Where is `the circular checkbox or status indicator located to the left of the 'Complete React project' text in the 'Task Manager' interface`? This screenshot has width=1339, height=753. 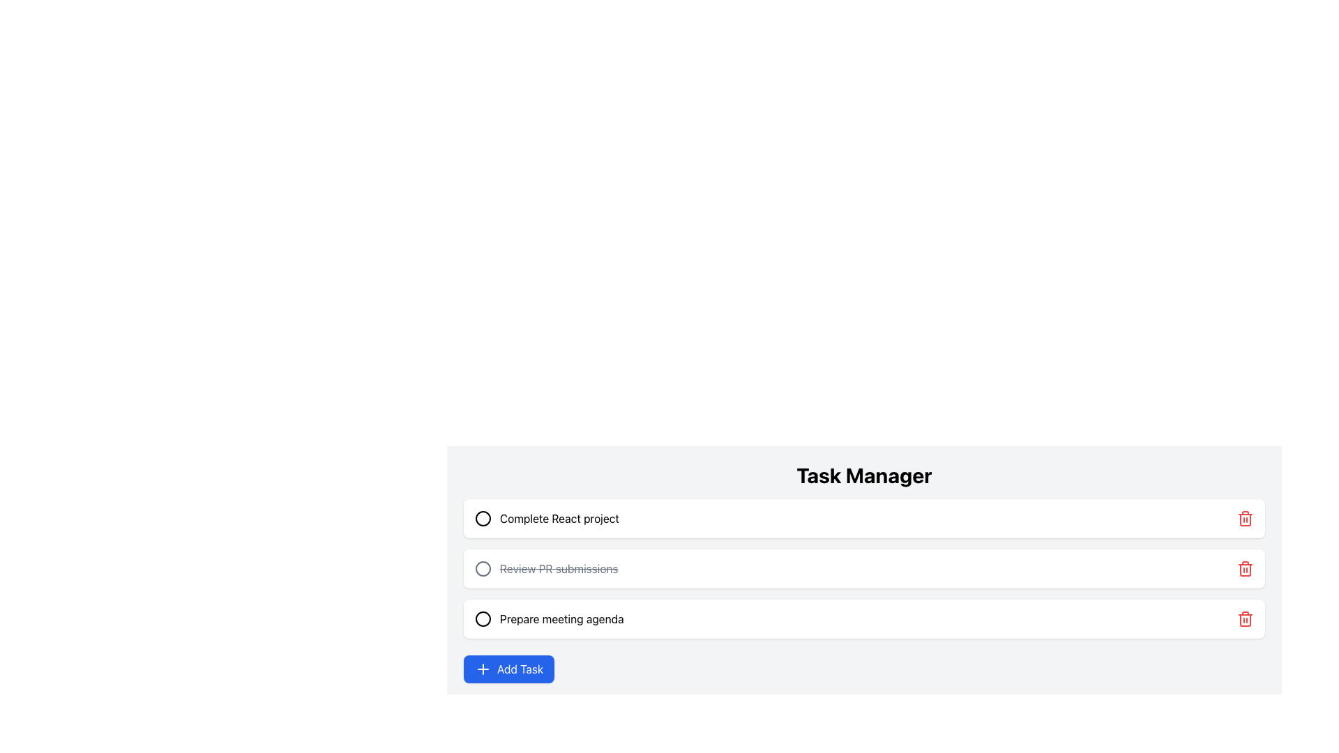
the circular checkbox or status indicator located to the left of the 'Complete React project' text in the 'Task Manager' interface is located at coordinates (483, 519).